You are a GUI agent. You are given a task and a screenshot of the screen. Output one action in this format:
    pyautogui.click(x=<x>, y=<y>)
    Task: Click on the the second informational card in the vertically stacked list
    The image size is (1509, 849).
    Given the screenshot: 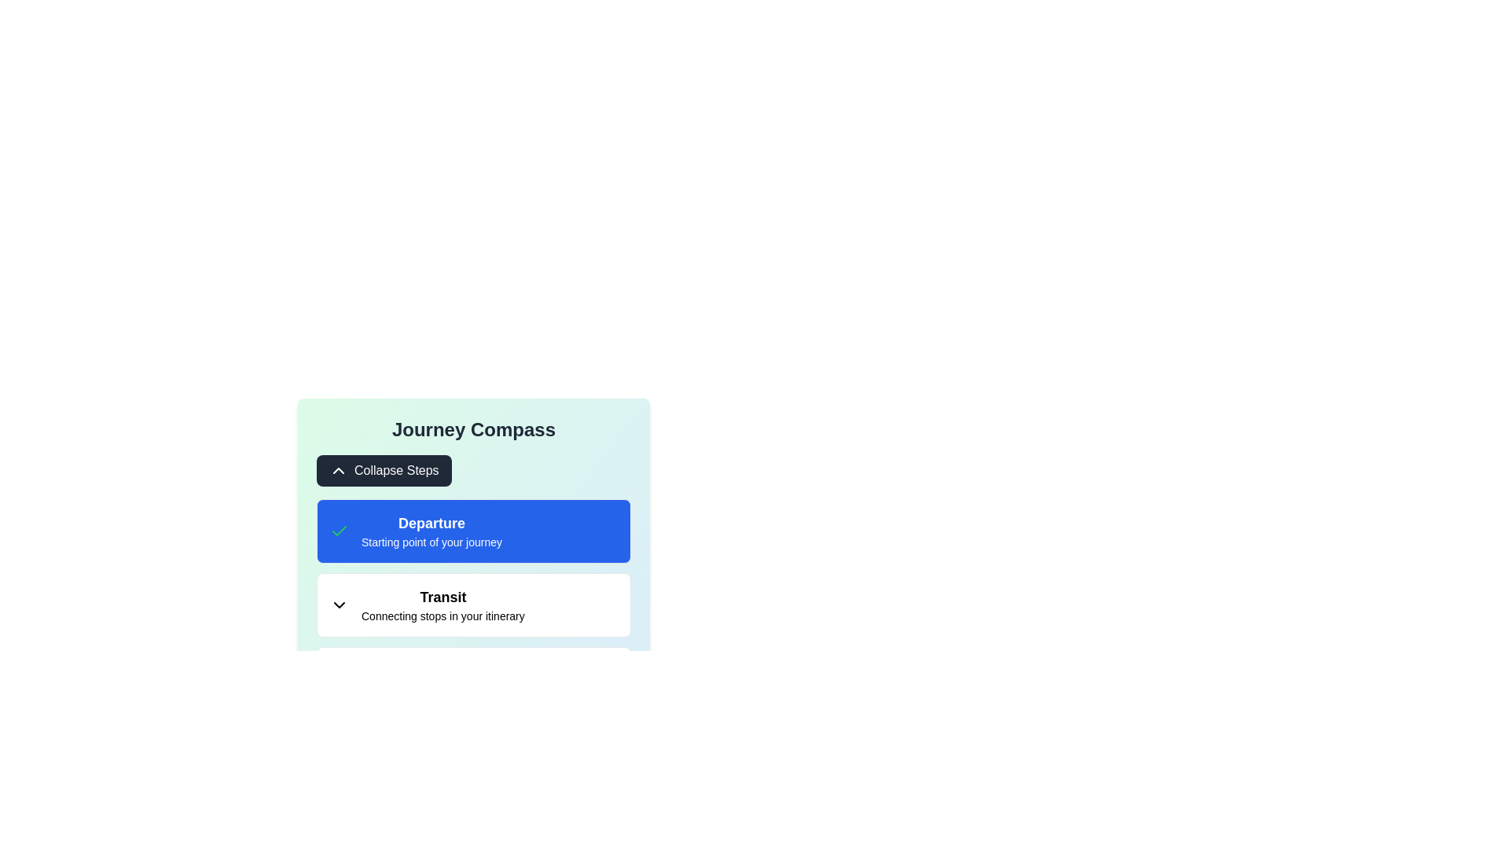 What is the action you would take?
    pyautogui.click(x=473, y=605)
    